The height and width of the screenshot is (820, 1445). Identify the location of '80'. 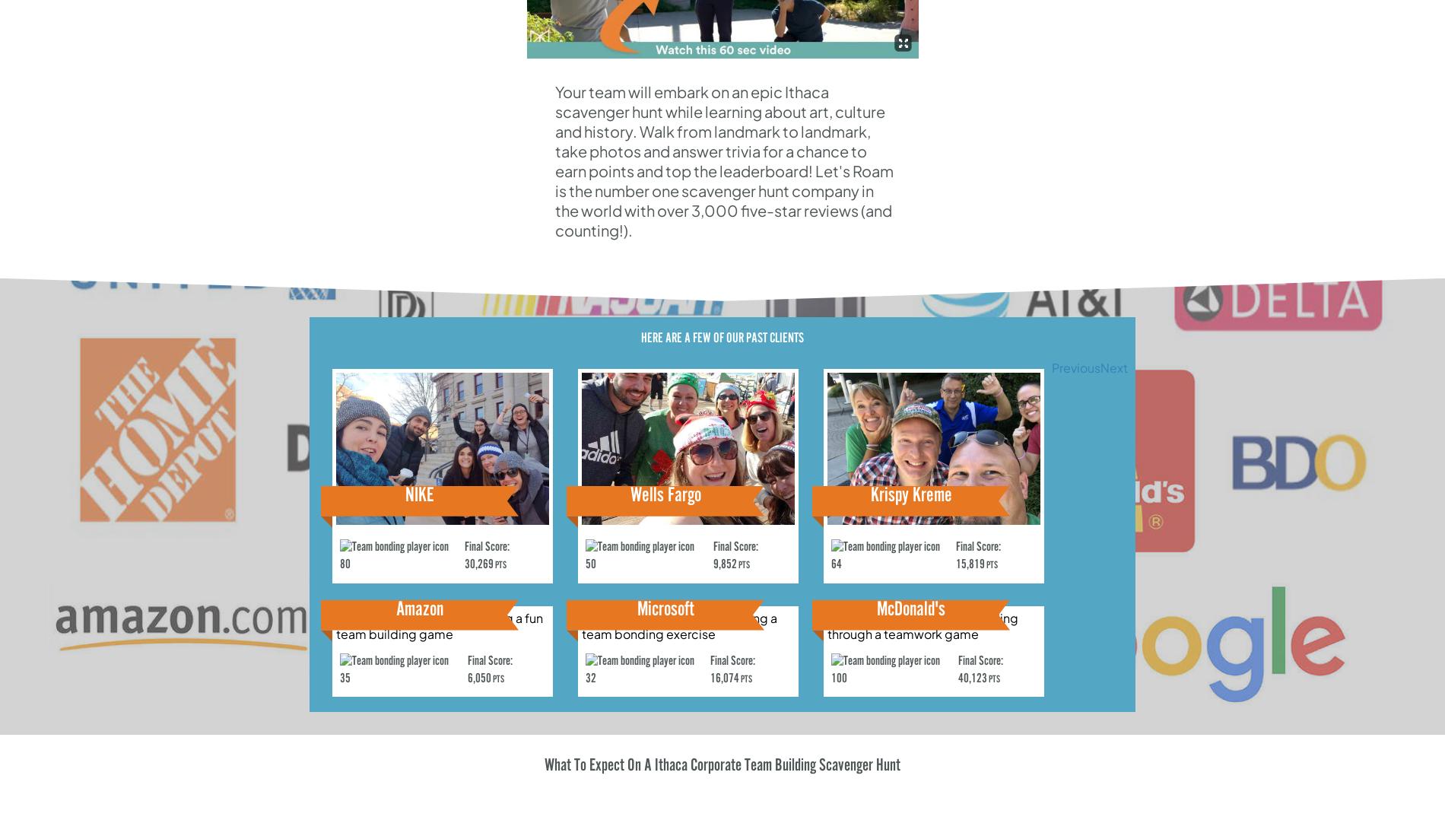
(344, 564).